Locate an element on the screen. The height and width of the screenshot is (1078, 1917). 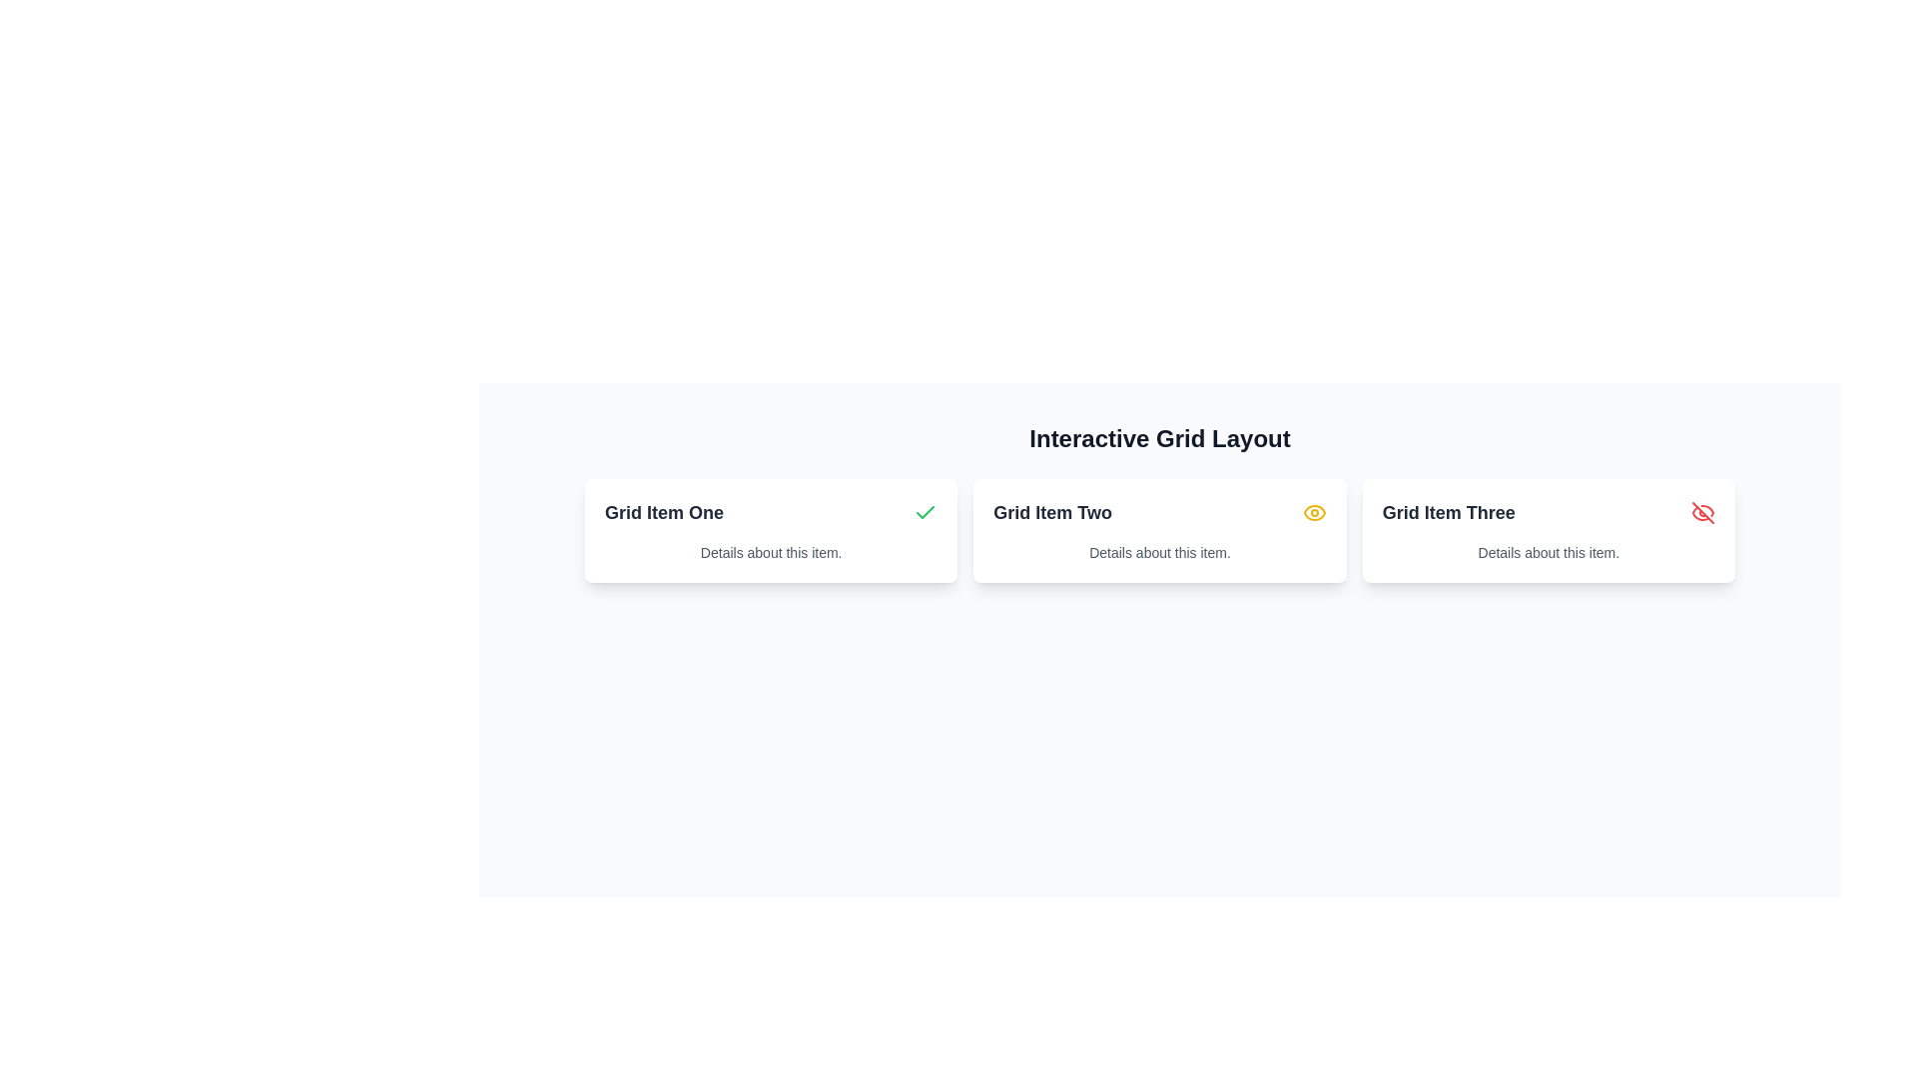
the green checkmark icon, which is part of an SVG image and indicates a successful action, located in the first grid item titled 'Grid Item One' is located at coordinates (925, 511).